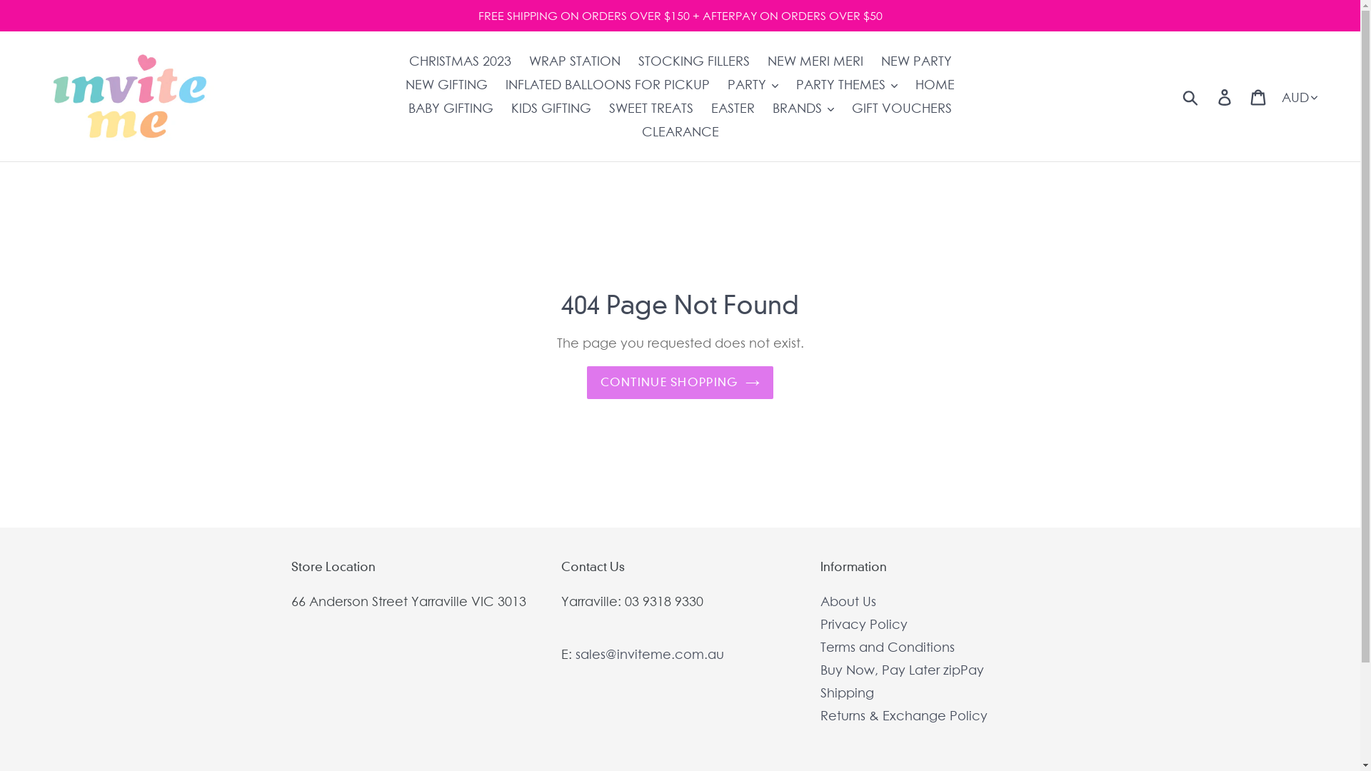 This screenshot has width=1371, height=771. I want to click on 'HOME', so click(935, 84).